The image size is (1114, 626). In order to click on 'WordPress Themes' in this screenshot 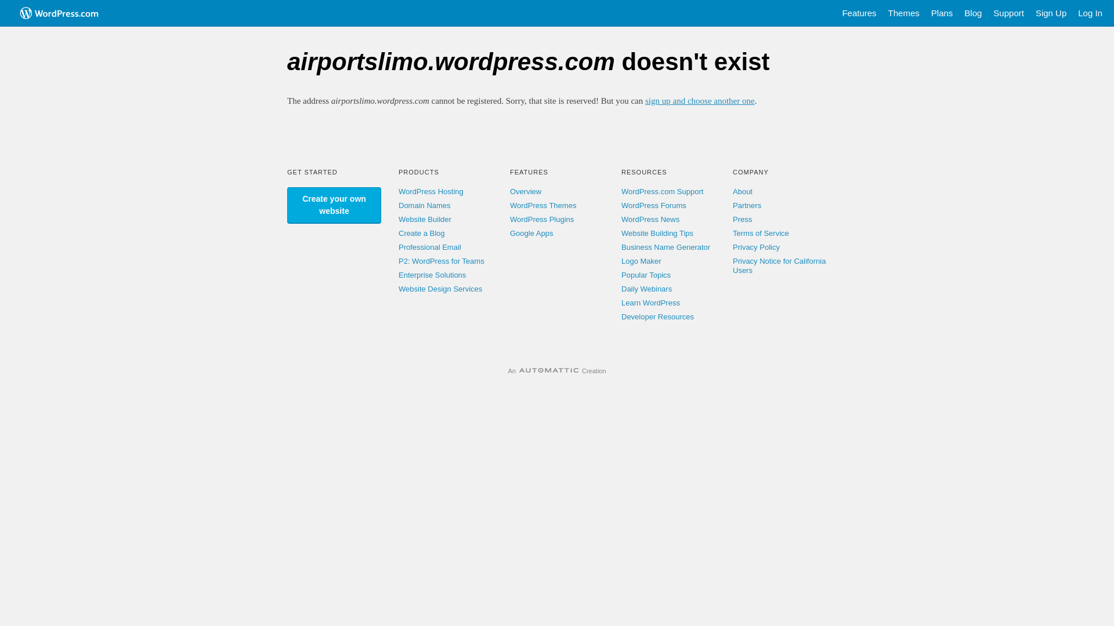, I will do `click(542, 205)`.